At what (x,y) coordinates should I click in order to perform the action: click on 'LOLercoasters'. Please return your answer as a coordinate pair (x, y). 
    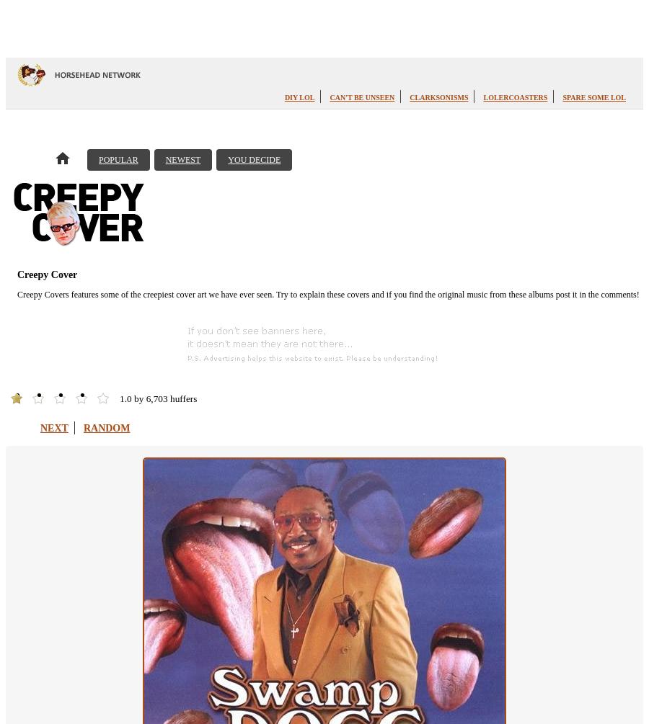
    Looking at the image, I should click on (514, 97).